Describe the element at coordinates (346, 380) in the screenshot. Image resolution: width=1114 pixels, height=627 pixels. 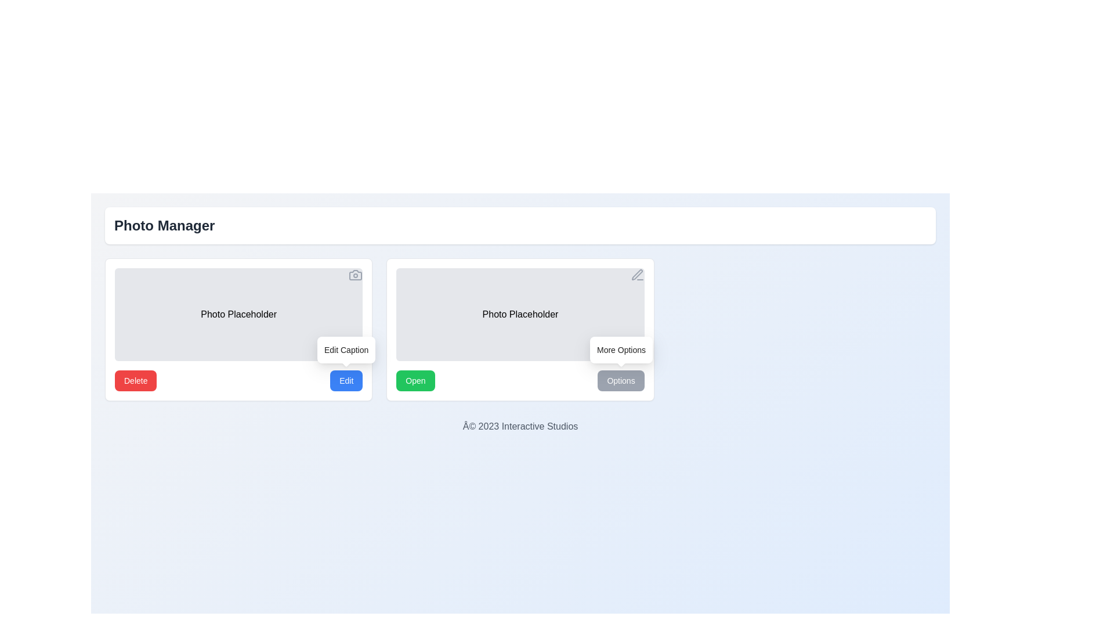
I see `the blue 'Edit' button labeled with white text` at that location.